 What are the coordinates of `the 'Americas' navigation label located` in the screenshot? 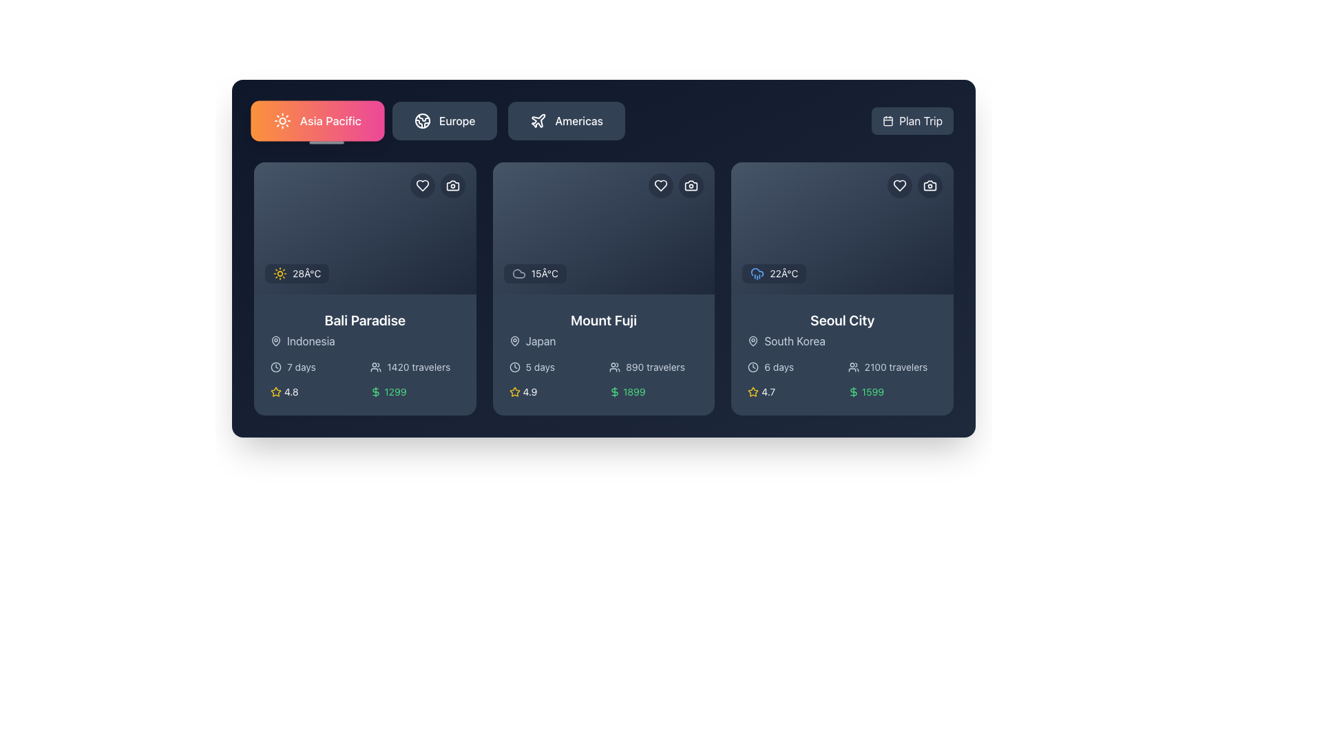 It's located at (579, 120).